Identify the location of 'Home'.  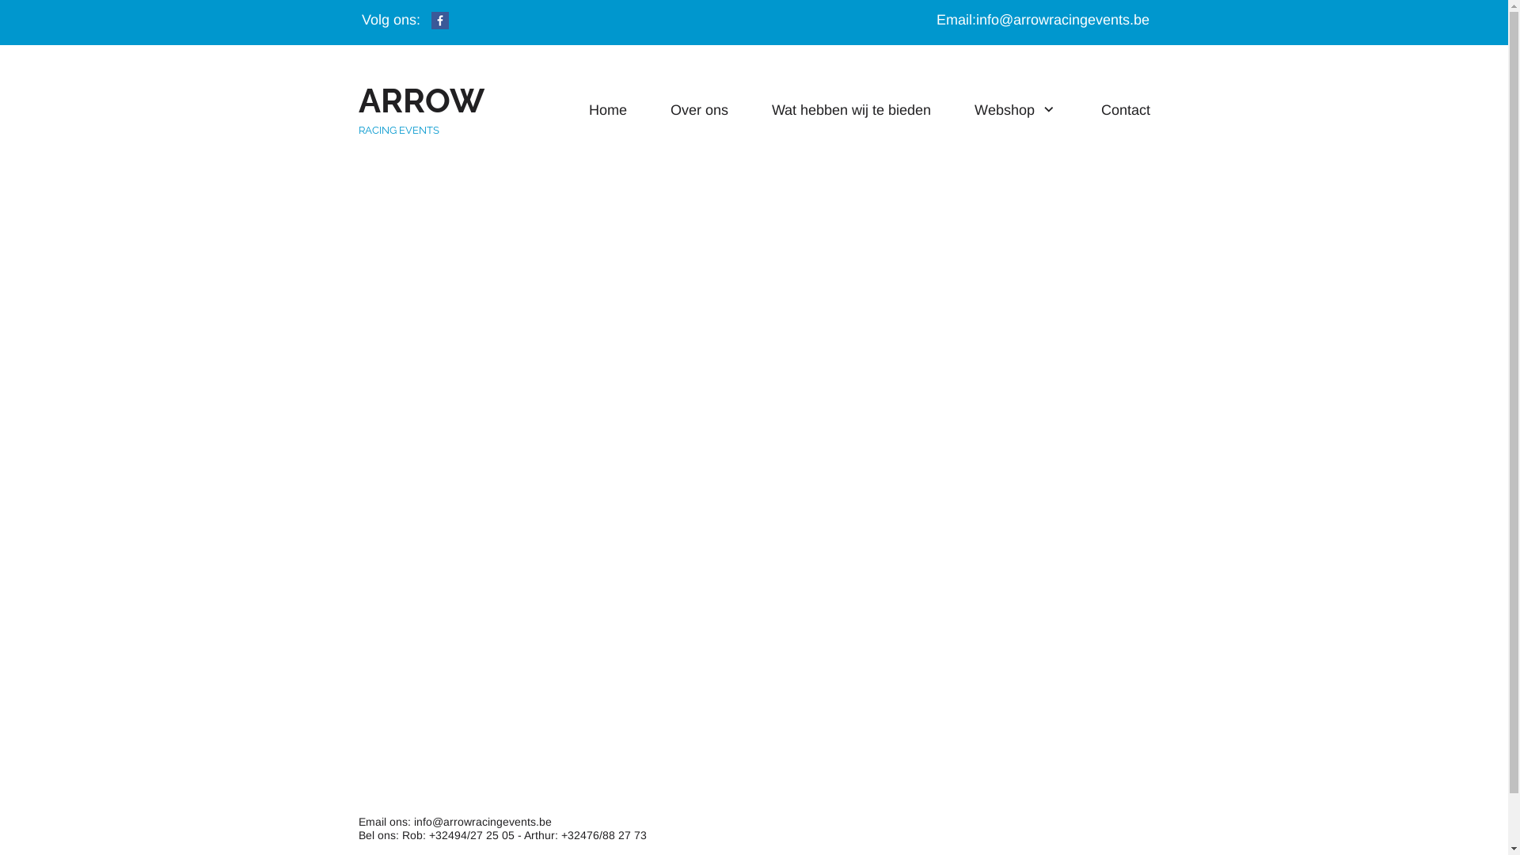
(588, 108).